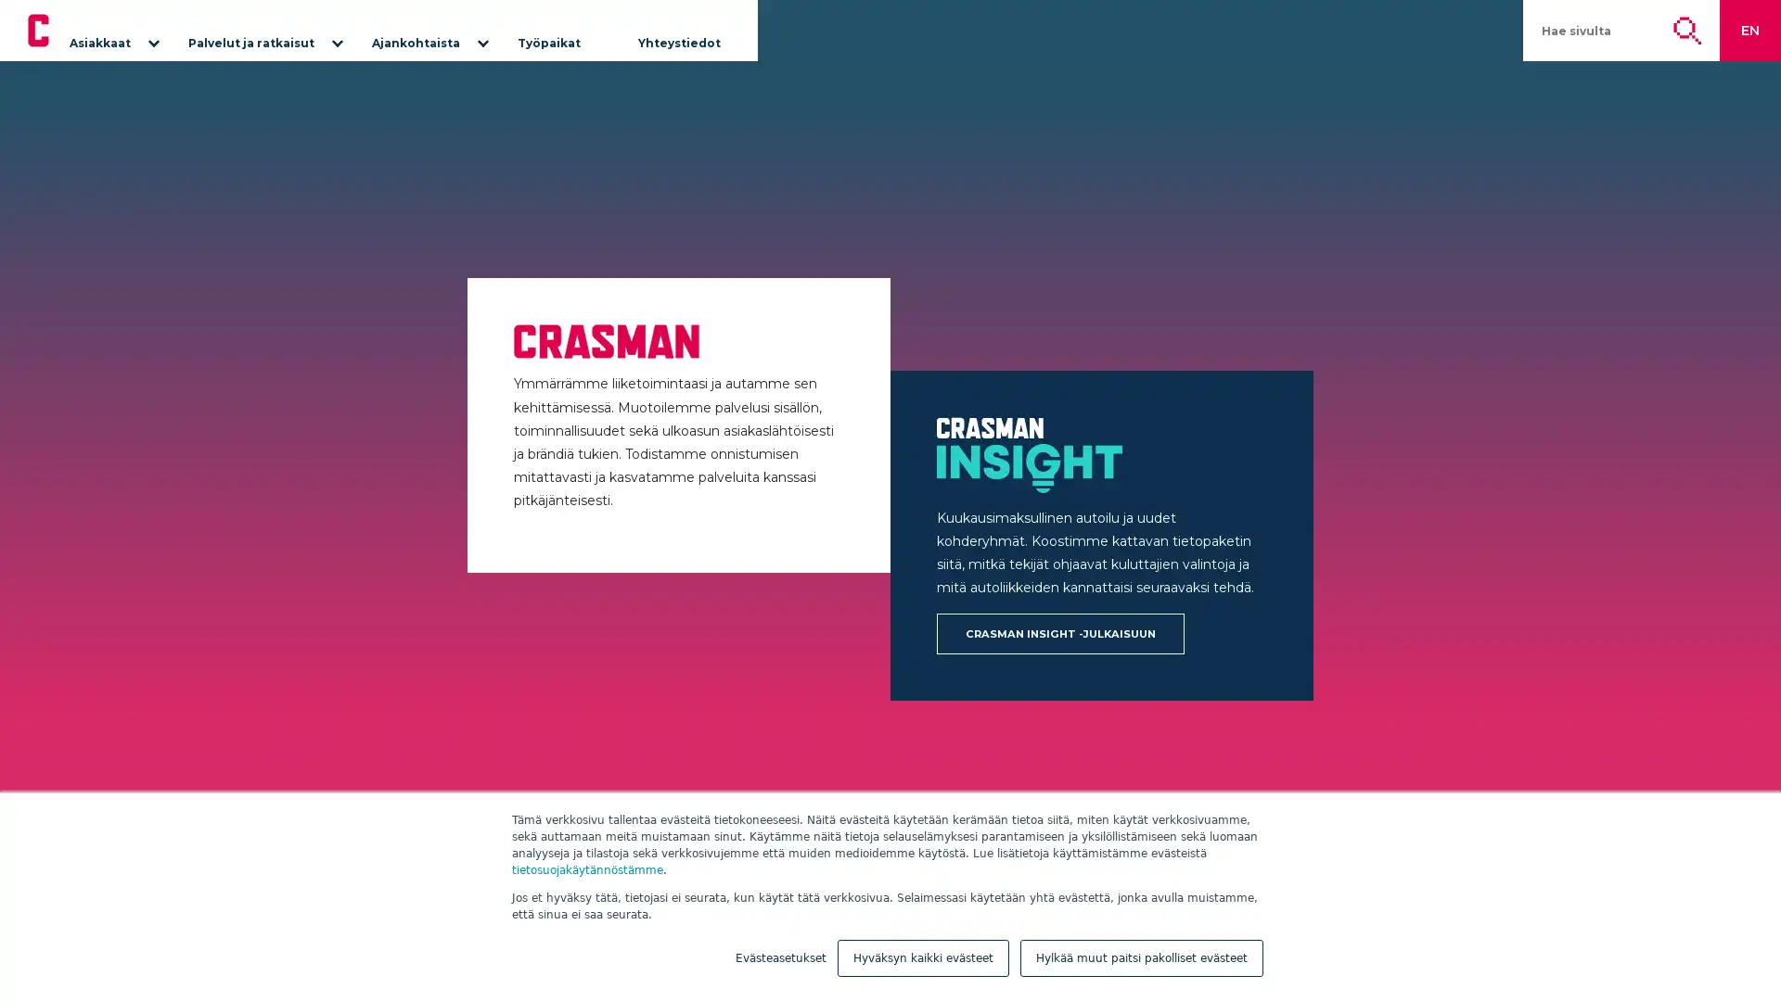  I want to click on Evasteasetukset, so click(780, 957).